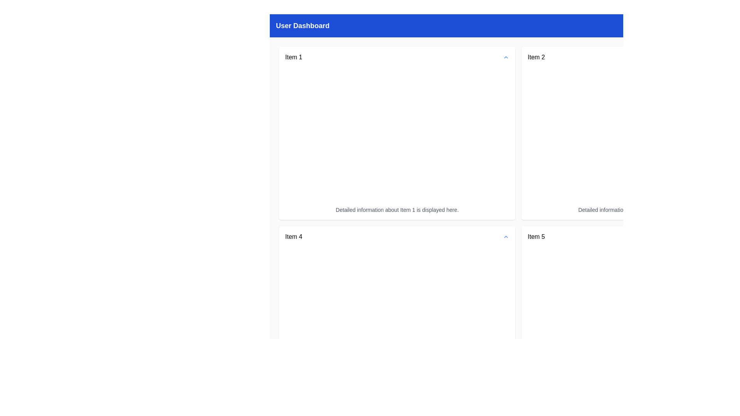 The image size is (740, 416). Describe the element at coordinates (293, 236) in the screenshot. I see `the text element labeled 'Item 4', which is positioned in the bottom-left quadrant of the dashboard` at that location.